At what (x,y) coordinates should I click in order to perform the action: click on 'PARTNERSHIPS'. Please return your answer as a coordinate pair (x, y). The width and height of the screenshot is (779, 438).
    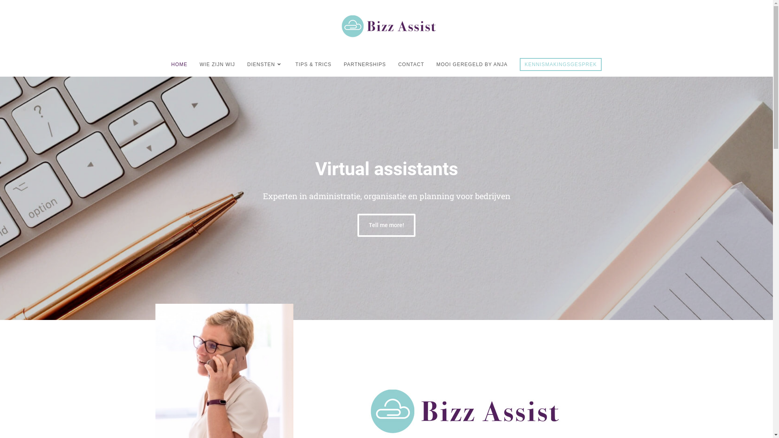
    Looking at the image, I should click on (364, 64).